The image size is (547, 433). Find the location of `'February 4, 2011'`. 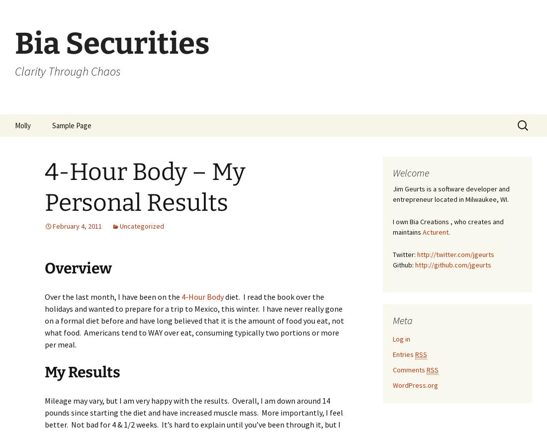

'February 4, 2011' is located at coordinates (77, 225).